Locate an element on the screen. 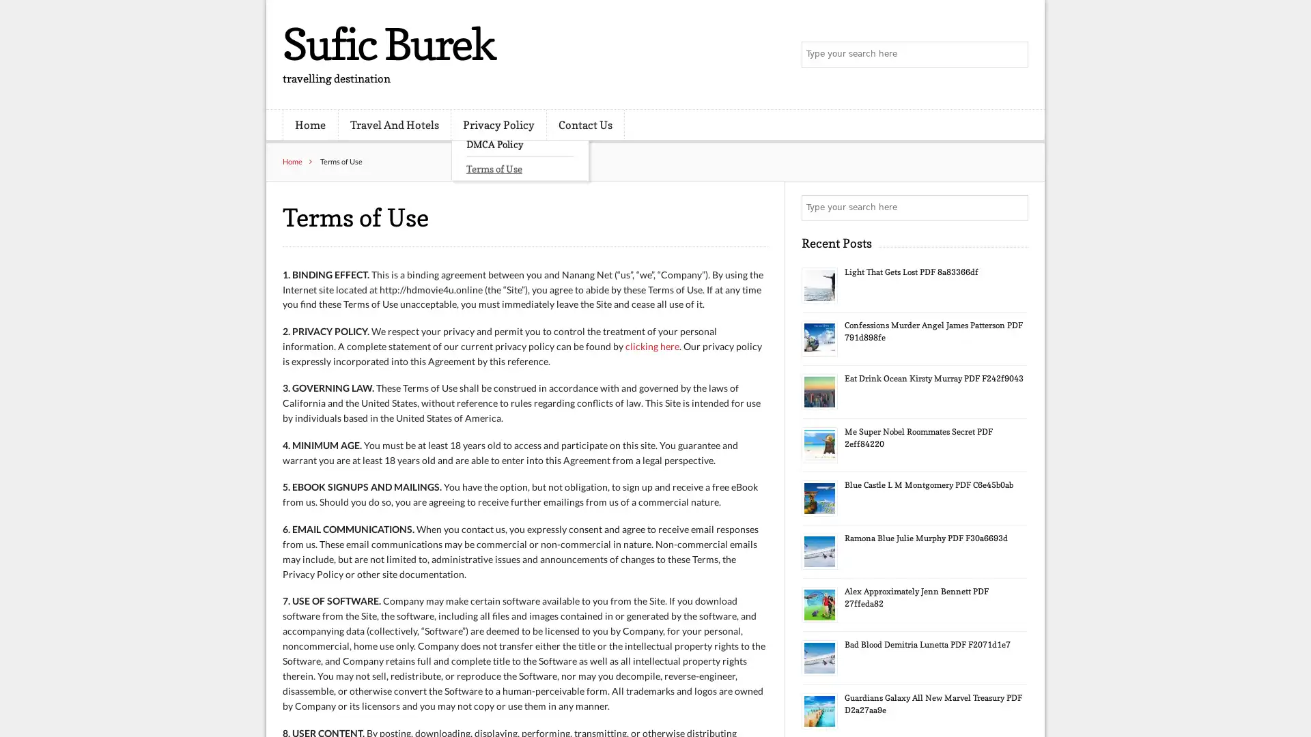 This screenshot has width=1311, height=737. Search is located at coordinates (1014, 55).